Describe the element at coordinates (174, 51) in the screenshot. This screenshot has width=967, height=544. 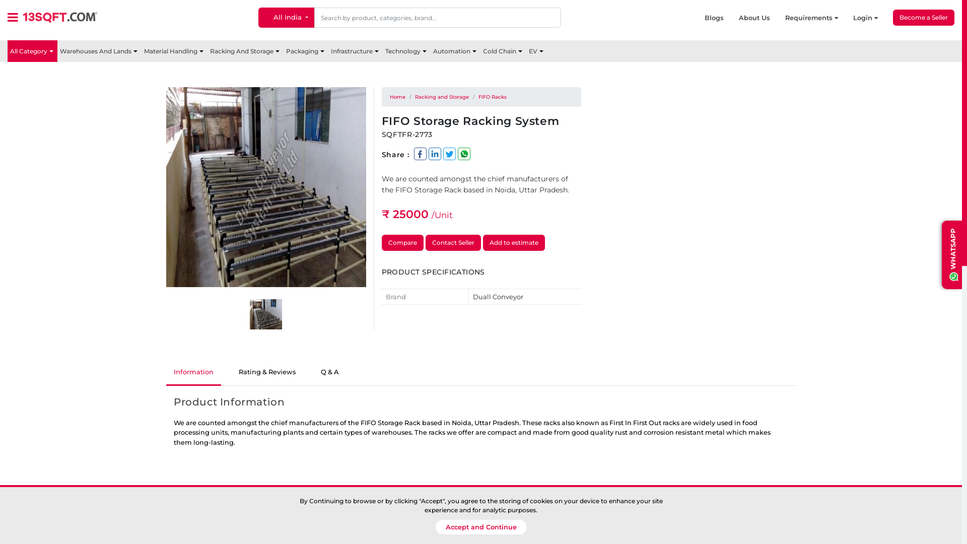
I see `'Material Handling'` at that location.